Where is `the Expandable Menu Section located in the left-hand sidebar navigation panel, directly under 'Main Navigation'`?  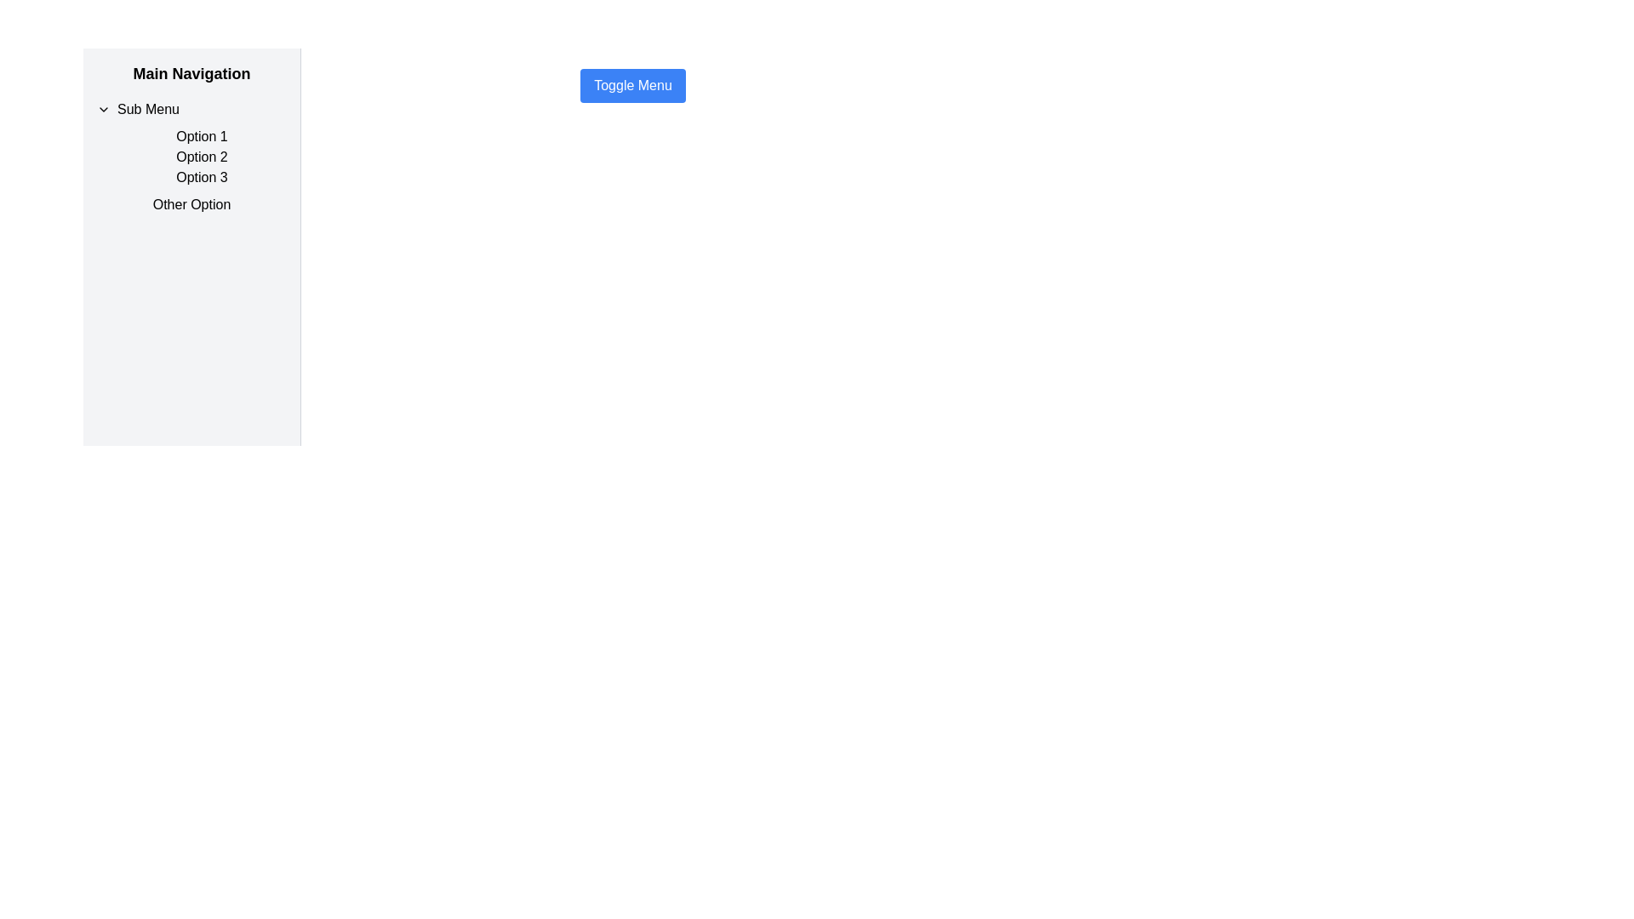 the Expandable Menu Section located in the left-hand sidebar navigation panel, directly under 'Main Navigation' is located at coordinates (191, 143).